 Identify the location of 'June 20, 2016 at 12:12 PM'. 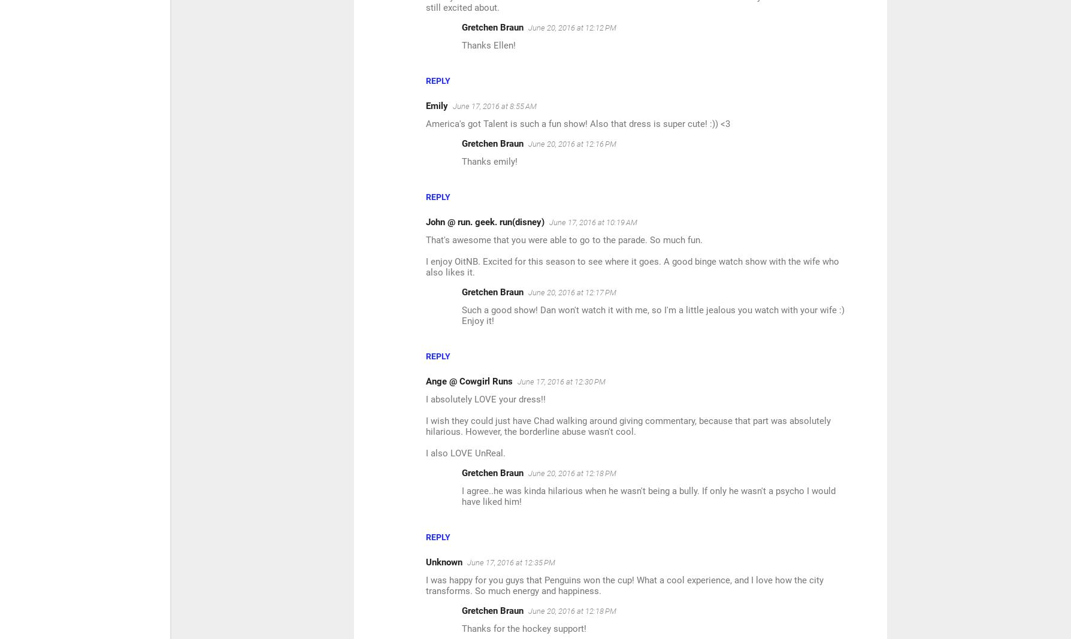
(528, 27).